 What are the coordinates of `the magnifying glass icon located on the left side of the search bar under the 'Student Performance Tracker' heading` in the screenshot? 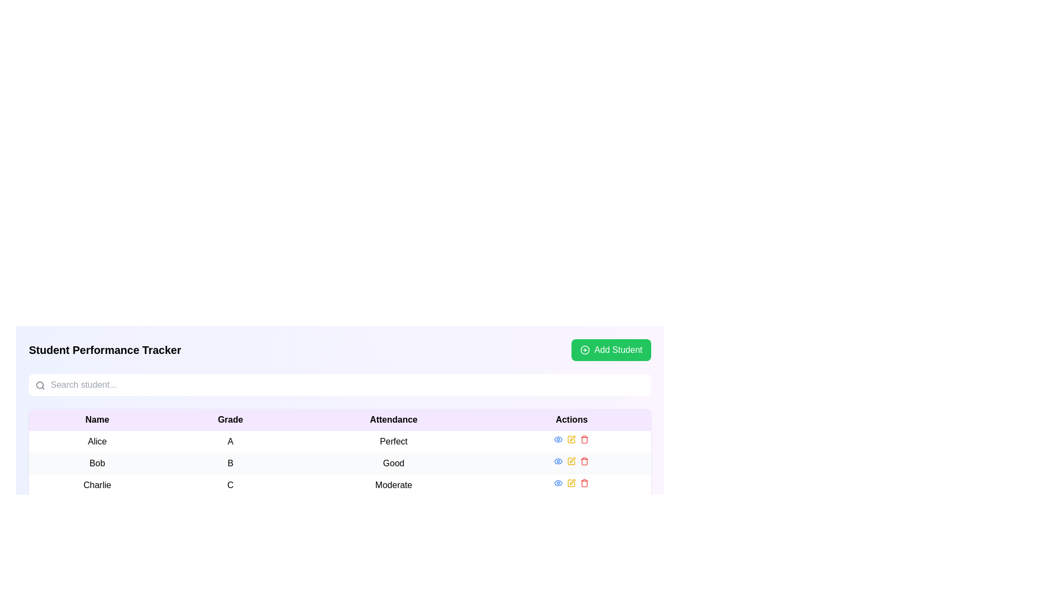 It's located at (40, 384).